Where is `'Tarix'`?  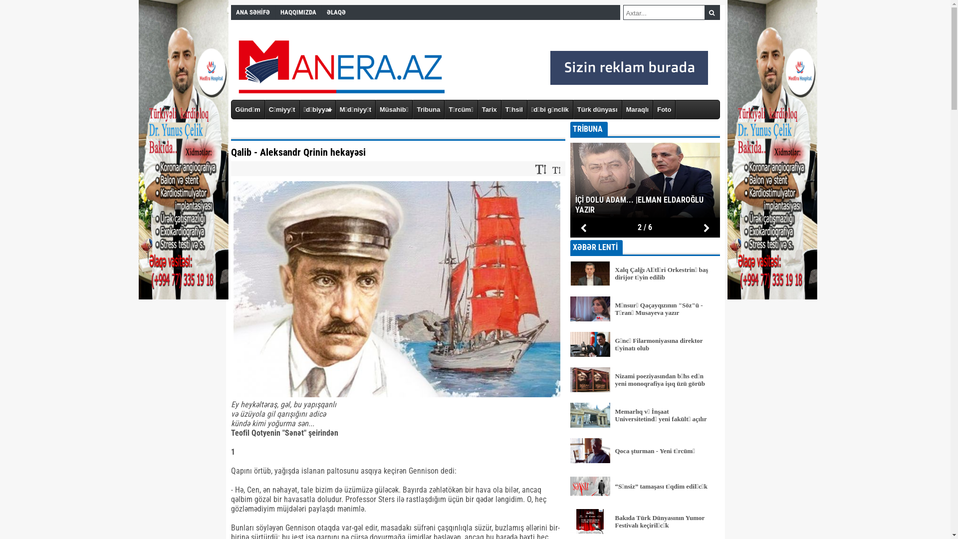 'Tarix' is located at coordinates (489, 109).